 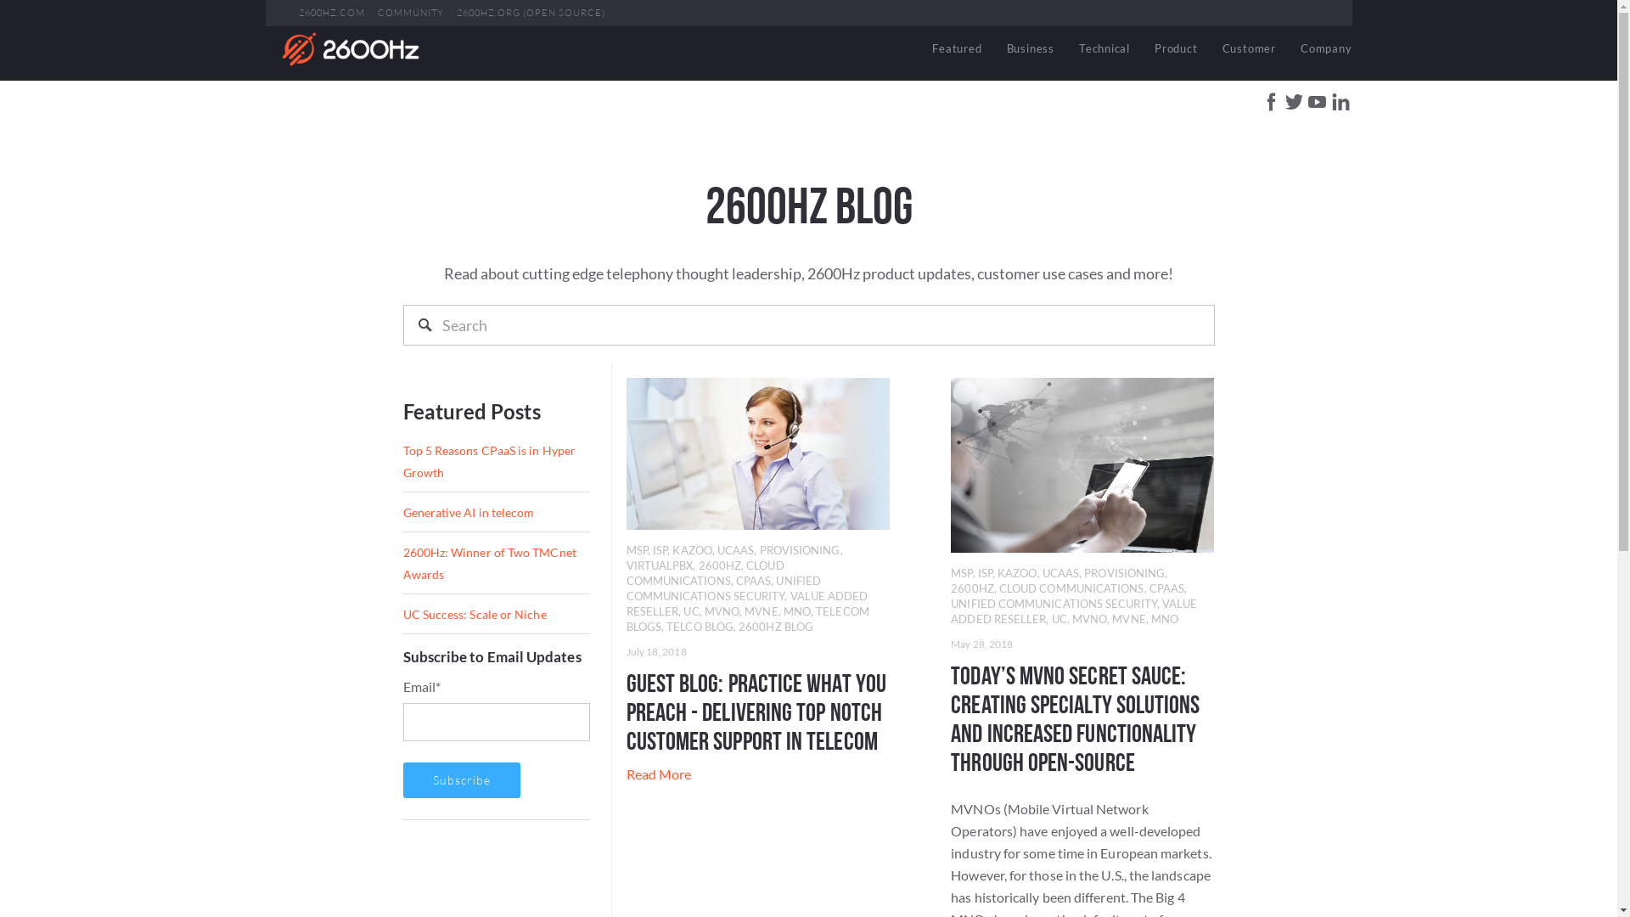 What do you see at coordinates (1073, 611) in the screenshot?
I see `'VALUE ADDED RESELLER'` at bounding box center [1073, 611].